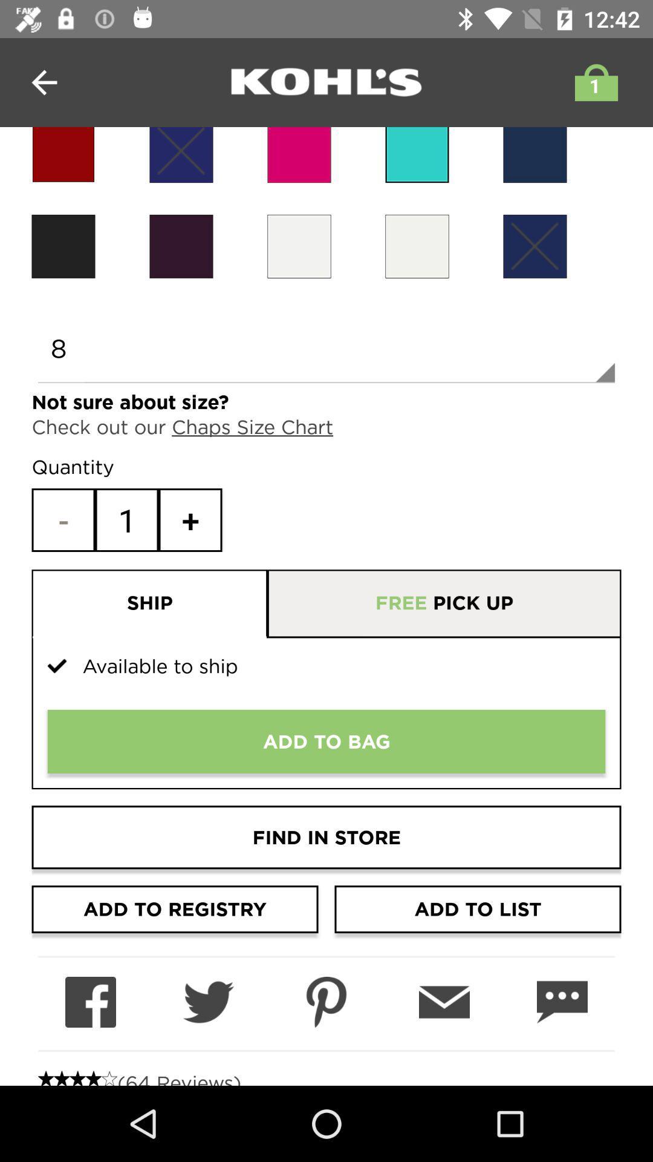 The height and width of the screenshot is (1162, 653). What do you see at coordinates (326, 82) in the screenshot?
I see `navigate to home page` at bounding box center [326, 82].